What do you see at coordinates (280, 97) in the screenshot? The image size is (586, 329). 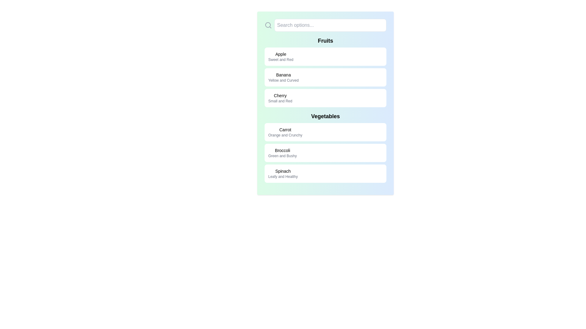 I see `on the informational text block representing the 'Cherry' item, which contains the description 'Small and Red' in the third row of the 'Fruits' list` at bounding box center [280, 97].